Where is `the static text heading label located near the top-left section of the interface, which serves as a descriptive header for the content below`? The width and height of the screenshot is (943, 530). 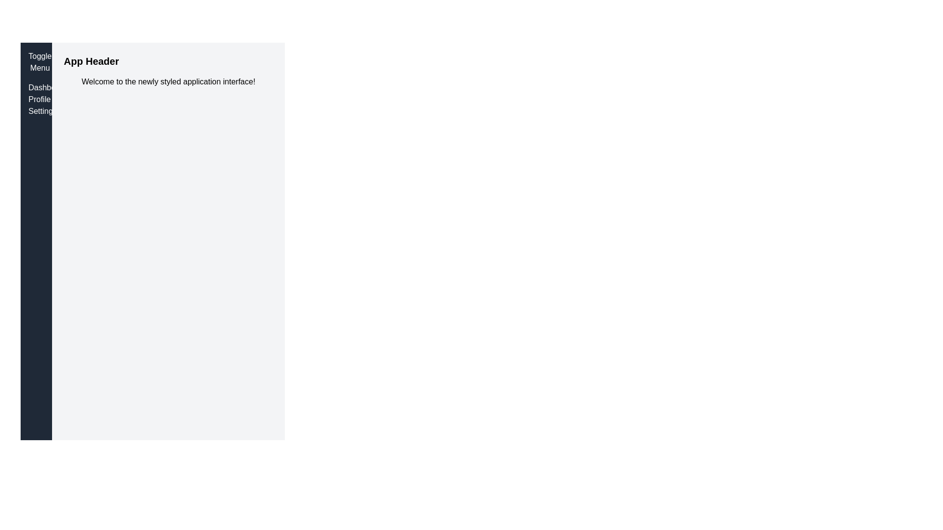 the static text heading label located near the top-left section of the interface, which serves as a descriptive header for the content below is located at coordinates (91, 61).